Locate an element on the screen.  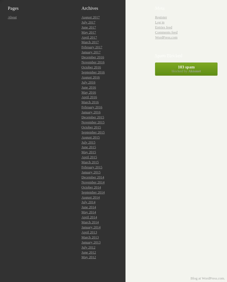
'October 2016' is located at coordinates (91, 66).